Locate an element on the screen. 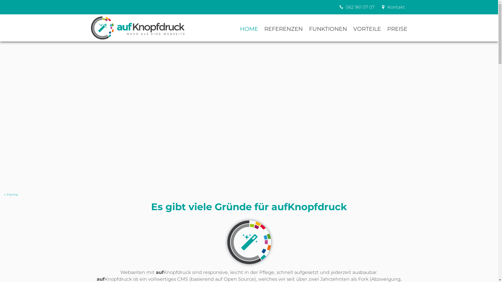 The image size is (502, 282). 'Home' is located at coordinates (12, 195).